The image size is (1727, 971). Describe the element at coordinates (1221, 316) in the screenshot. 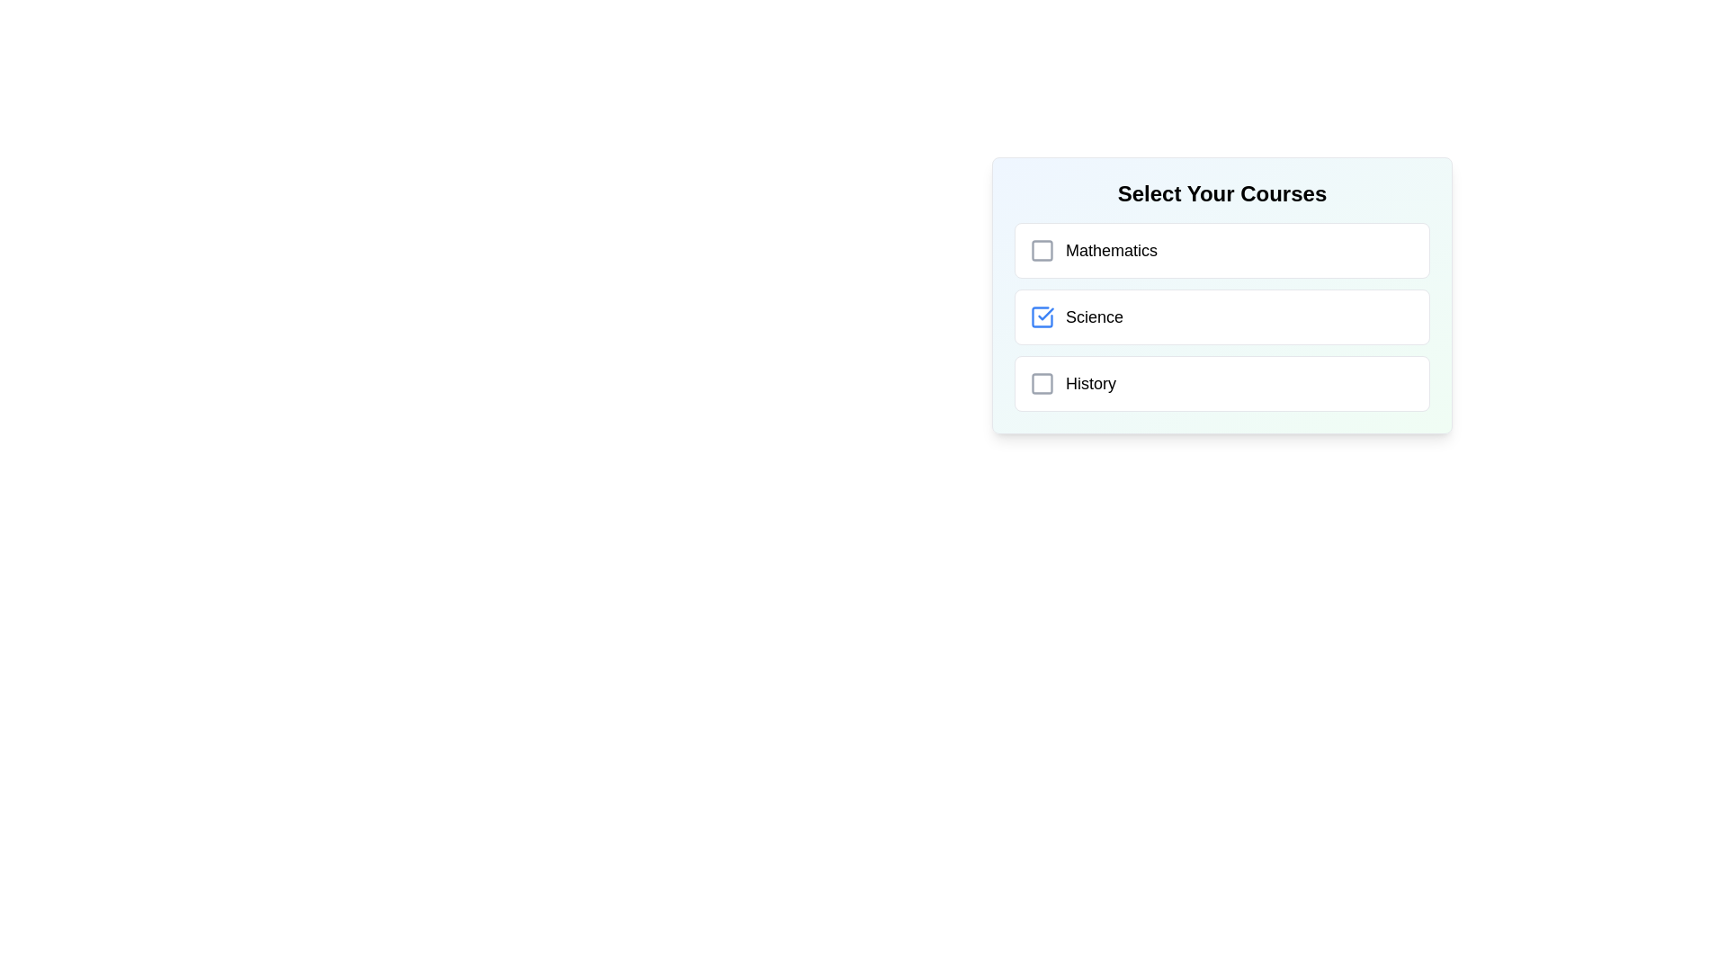

I see `the 'Science' course checkbox for potential rearrangement within the checkbox list for course selection` at that location.